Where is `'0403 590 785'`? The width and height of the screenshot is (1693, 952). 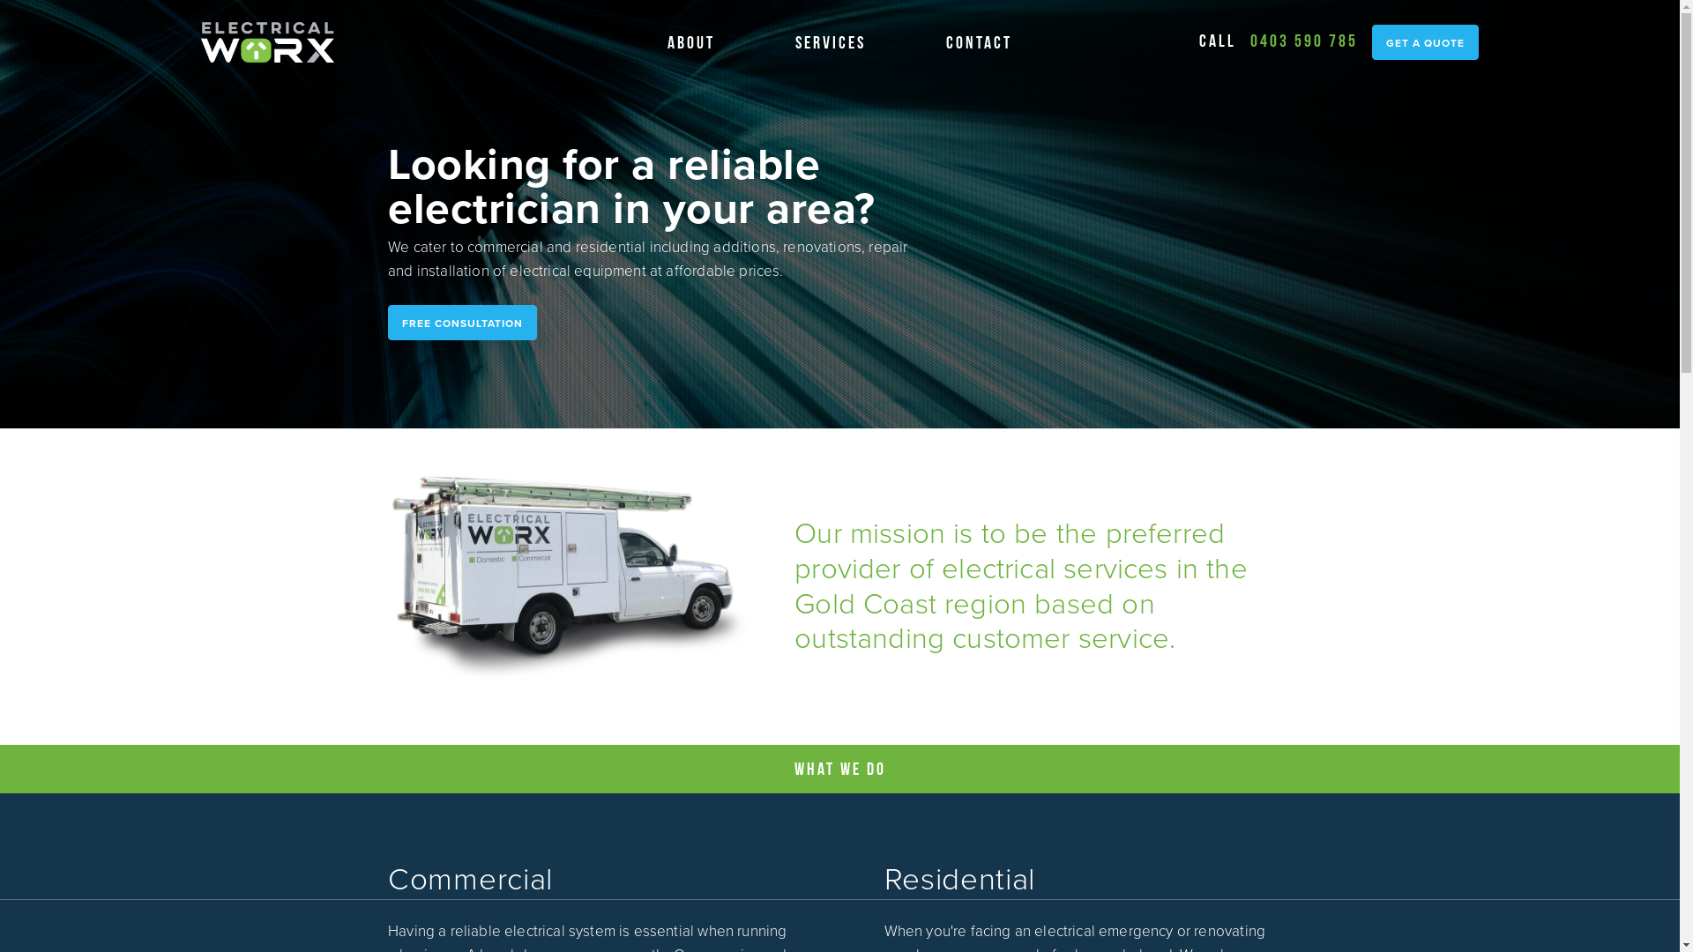 '0403 590 785' is located at coordinates (1303, 40).